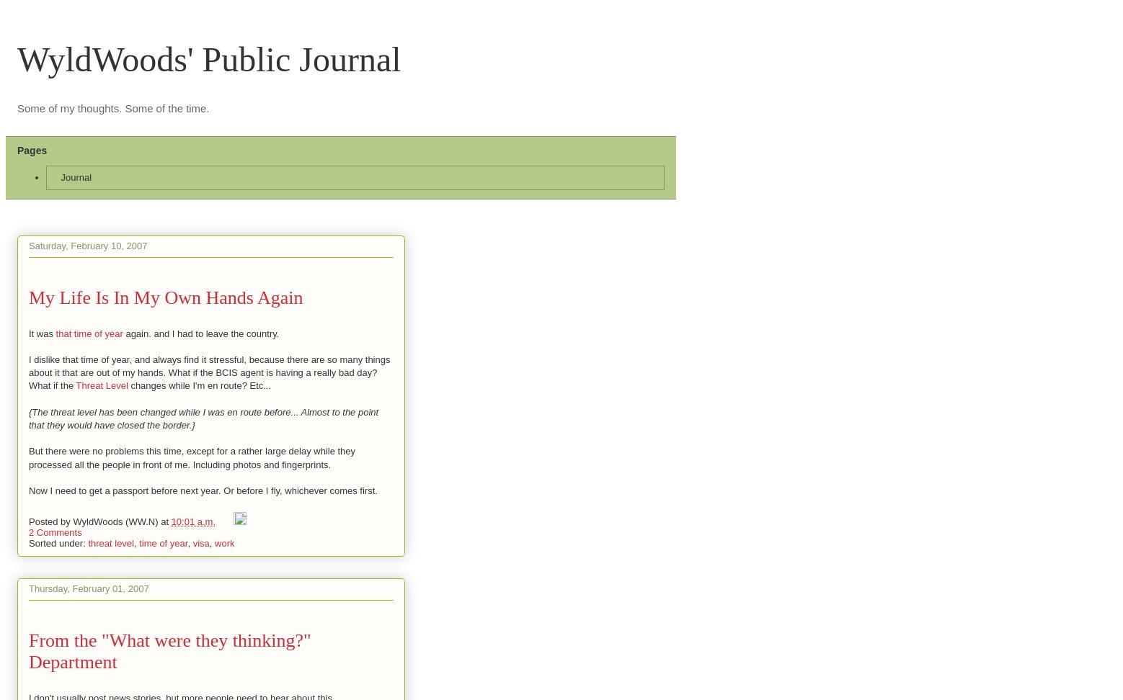  What do you see at coordinates (58, 542) in the screenshot?
I see `'Sorted under:'` at bounding box center [58, 542].